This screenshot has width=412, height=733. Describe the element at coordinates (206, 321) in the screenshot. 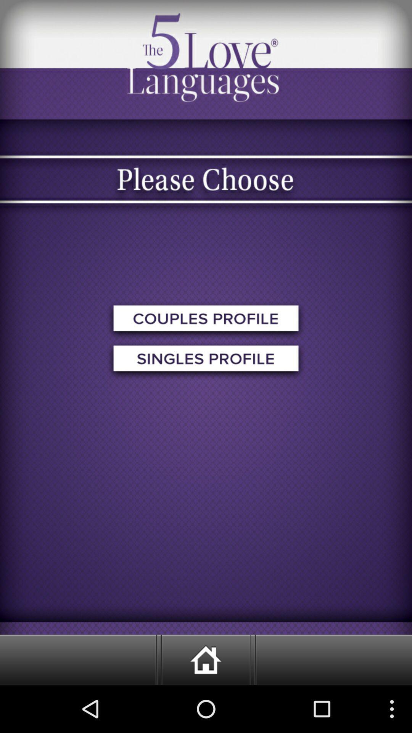

I see `share the article` at that location.